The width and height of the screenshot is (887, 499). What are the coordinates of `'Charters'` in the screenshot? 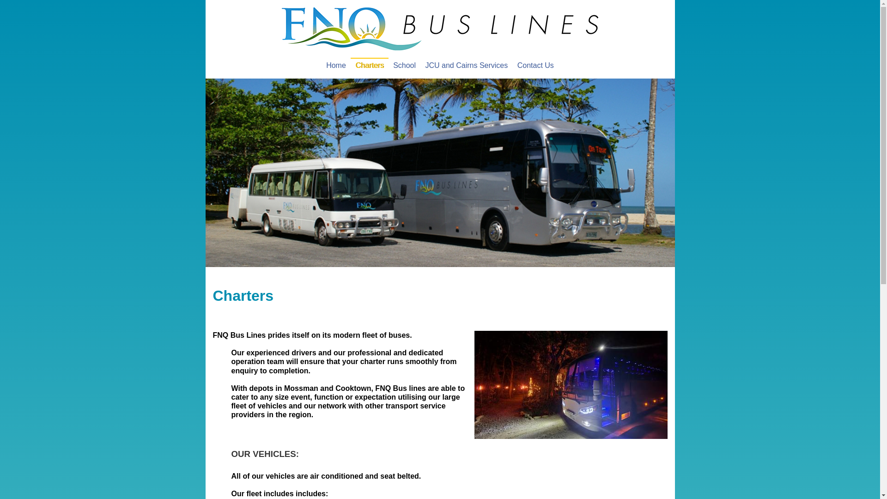 It's located at (370, 65).